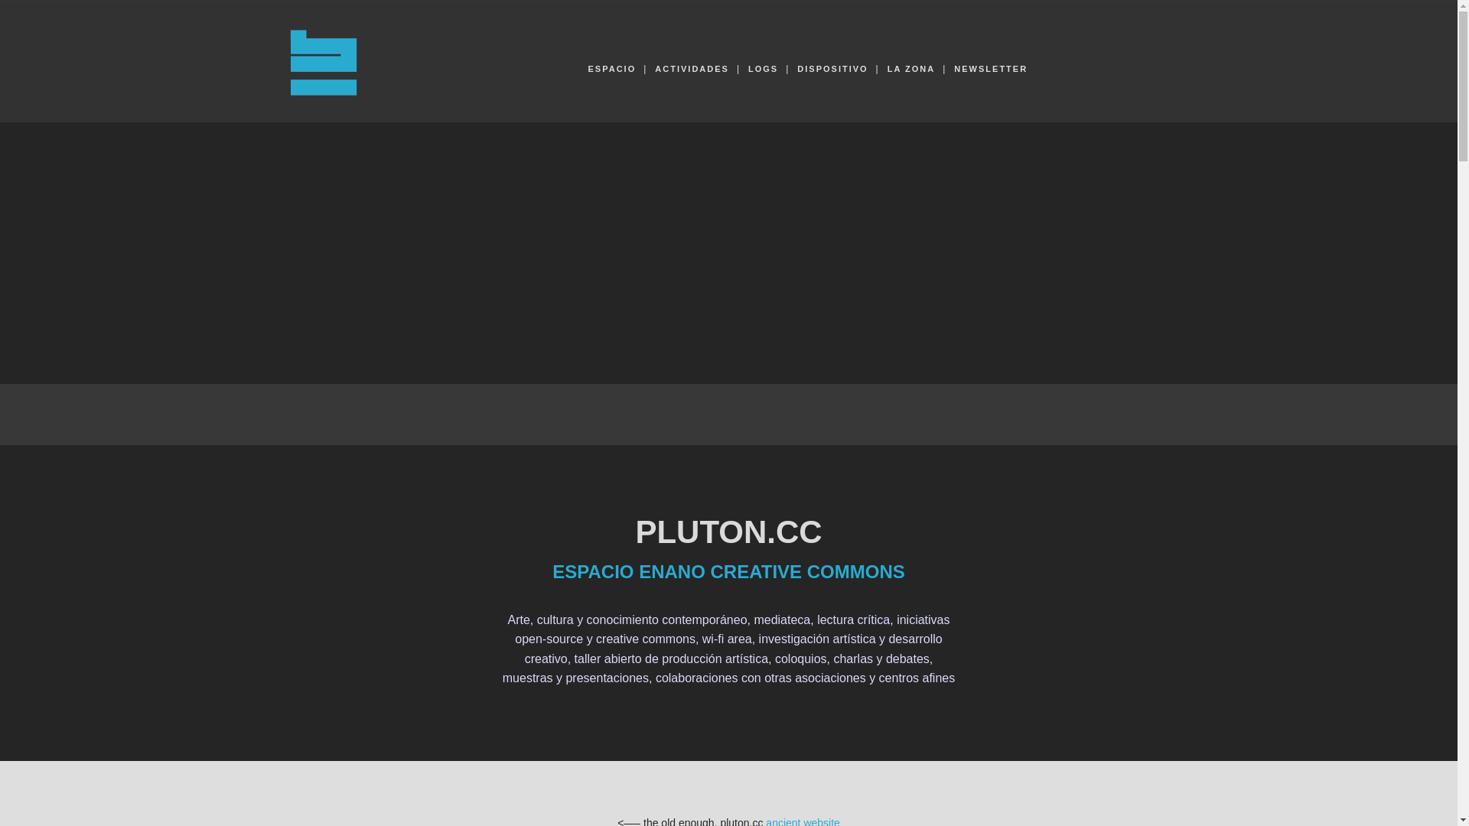  I want to click on 'DISPOSITIVO', so click(796, 67).